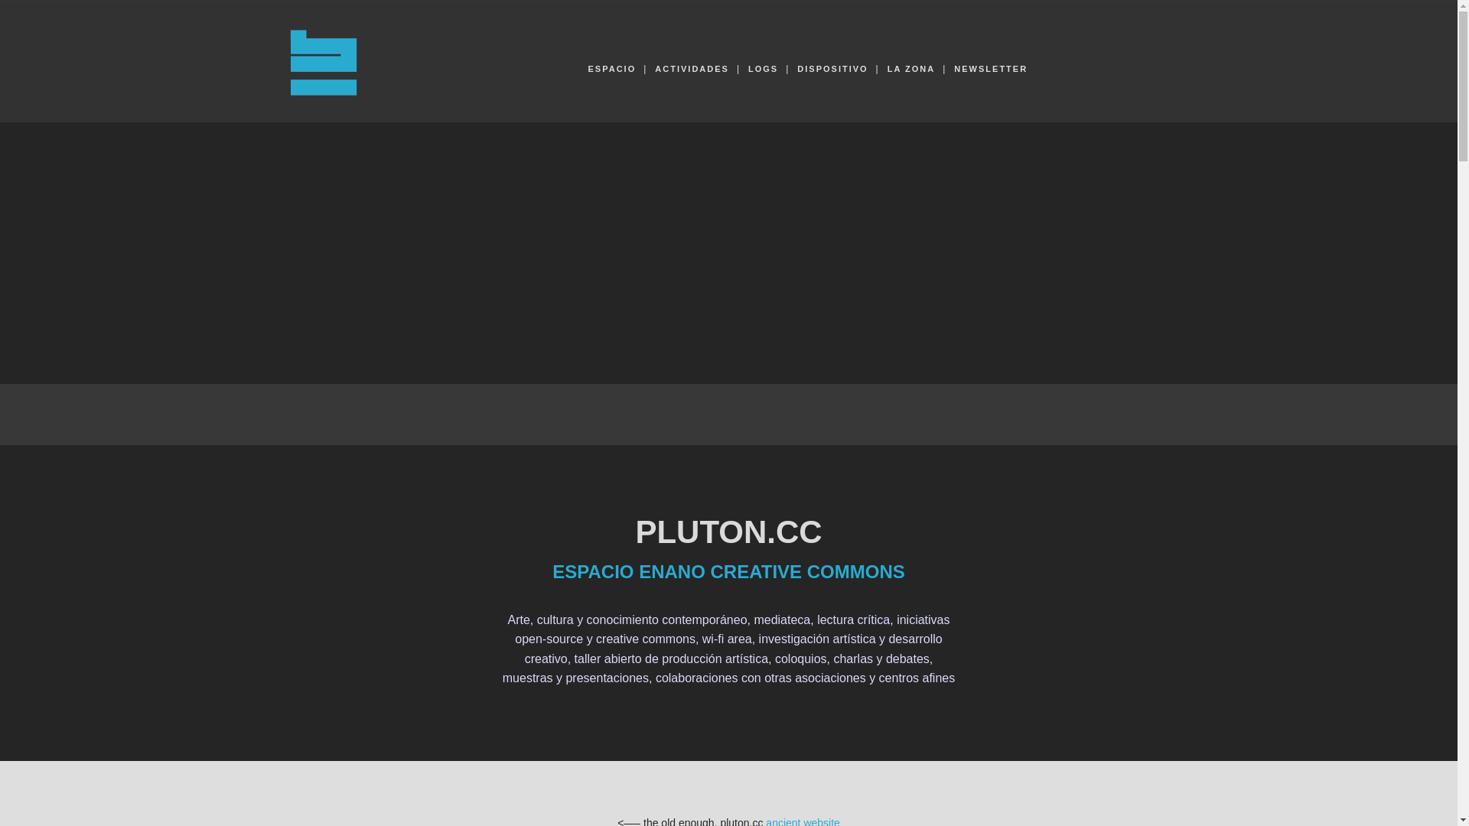  I want to click on 'DISPOSITIVO', so click(796, 67).